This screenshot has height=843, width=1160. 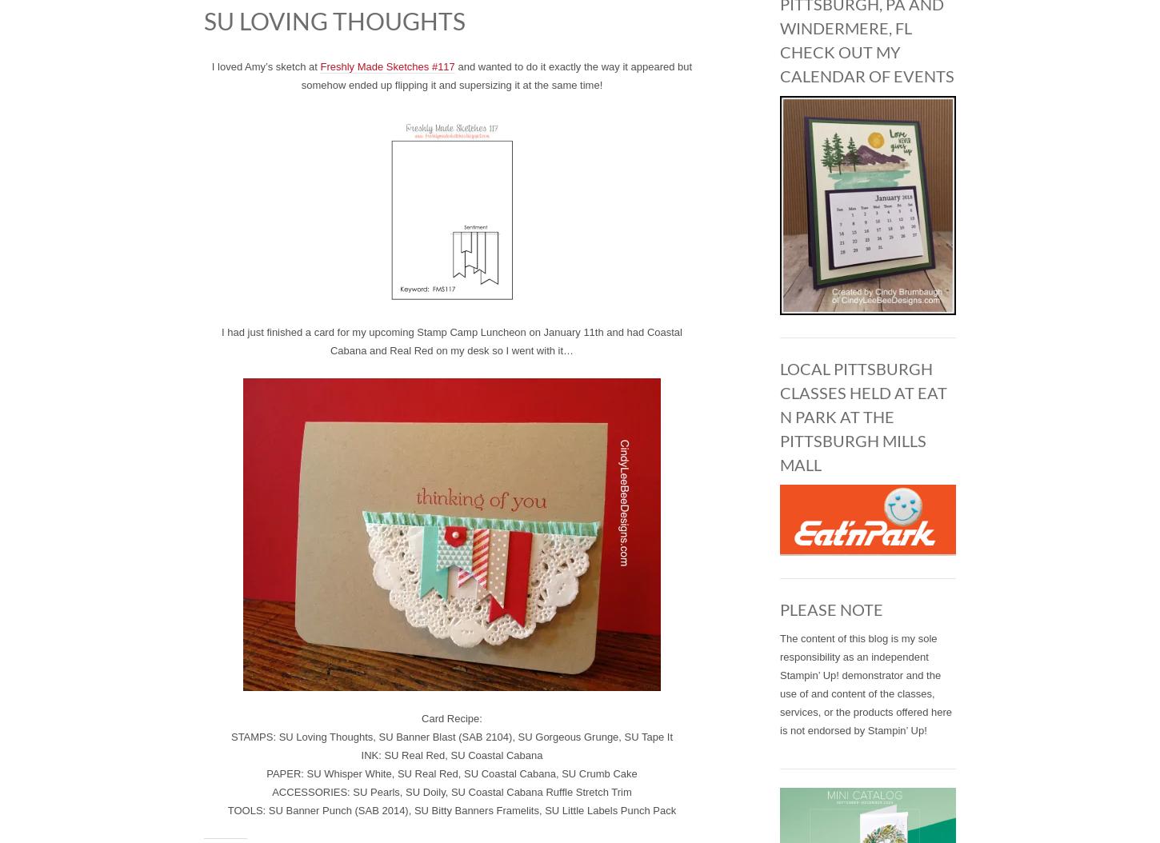 I want to click on 'TOOLS: SU Banner Punch (SAB 2014), SU Bitty Banners Framelits, SU Little Labels Punch Pack', so click(x=227, y=809).